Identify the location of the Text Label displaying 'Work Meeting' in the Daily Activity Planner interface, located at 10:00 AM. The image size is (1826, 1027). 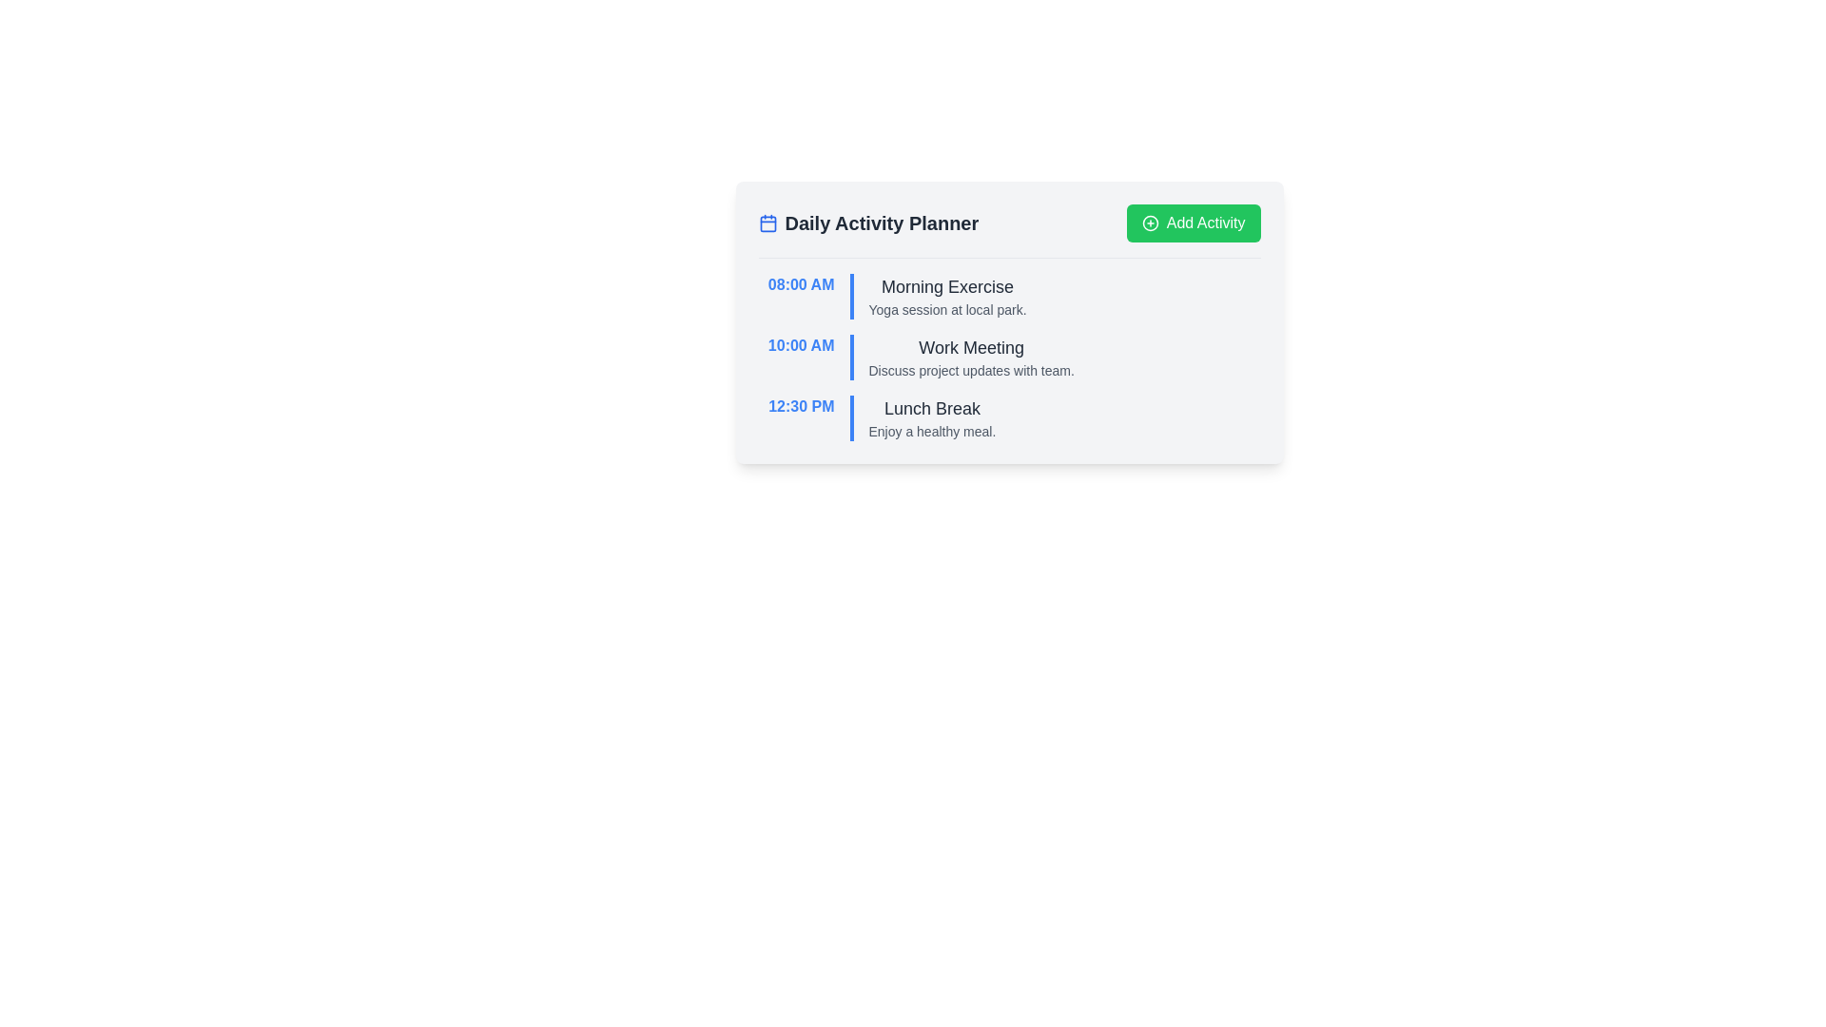
(971, 348).